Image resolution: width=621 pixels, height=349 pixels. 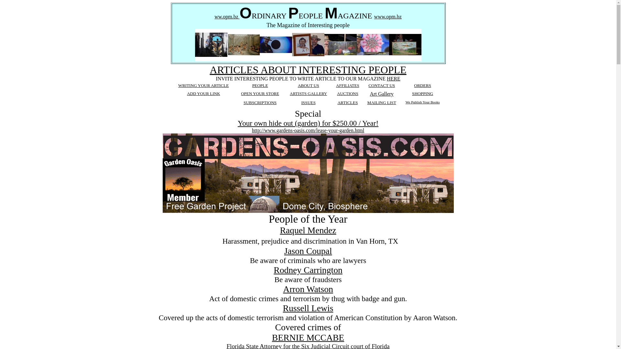 What do you see at coordinates (308, 123) in the screenshot?
I see `'Your own hide out (garden) for $250.00 / Year!'` at bounding box center [308, 123].